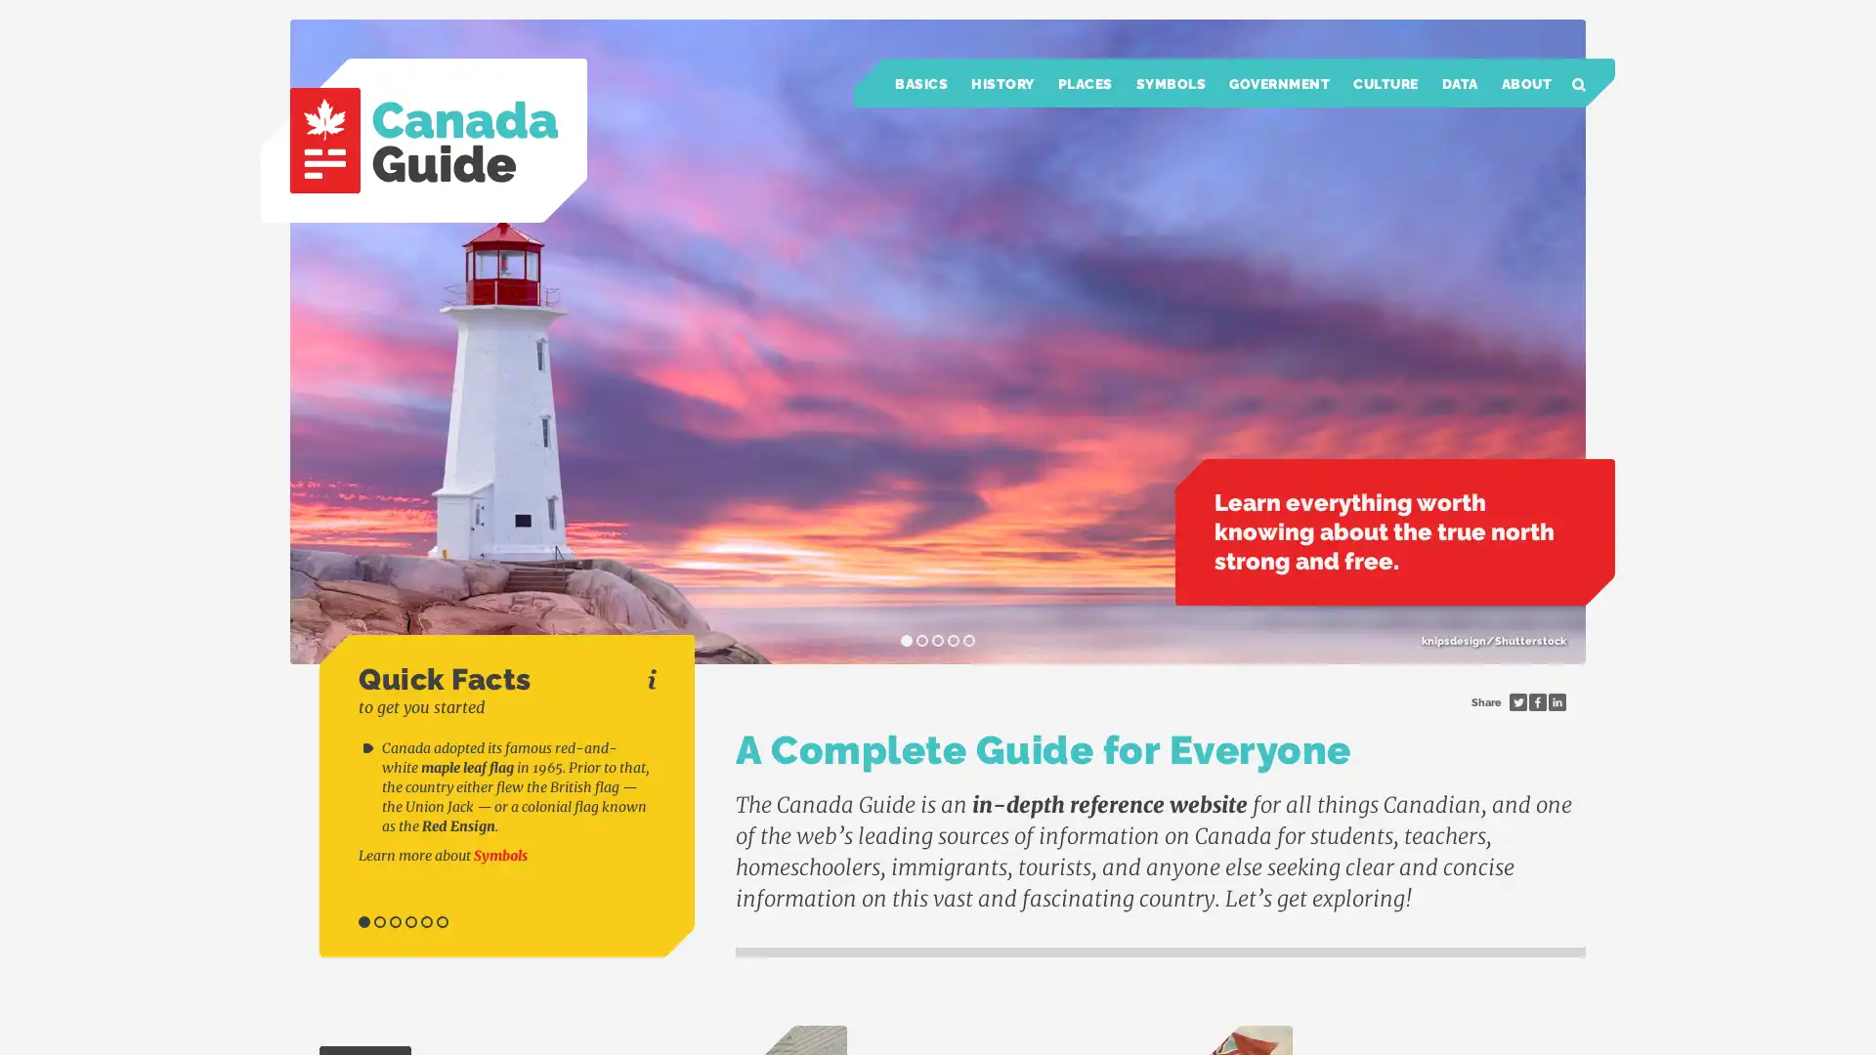  What do you see at coordinates (905, 640) in the screenshot?
I see `Go to slide 1` at bounding box center [905, 640].